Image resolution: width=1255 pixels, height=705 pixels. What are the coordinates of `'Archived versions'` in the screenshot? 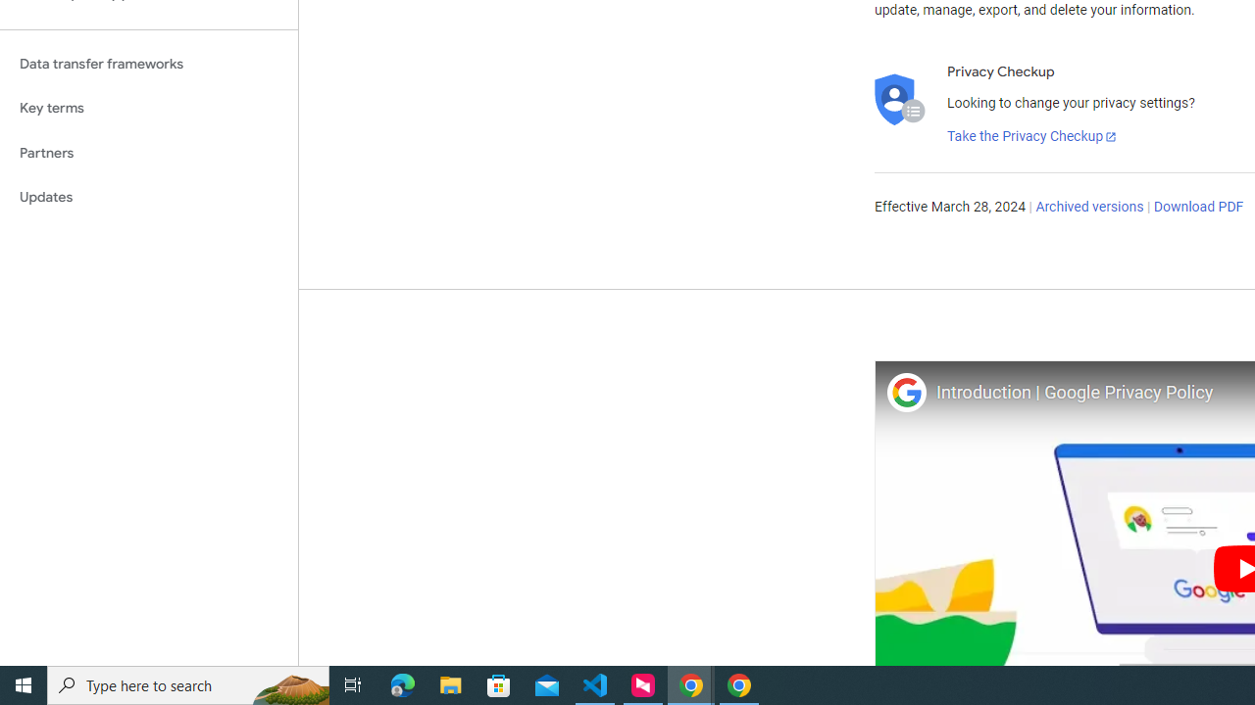 It's located at (1088, 208).